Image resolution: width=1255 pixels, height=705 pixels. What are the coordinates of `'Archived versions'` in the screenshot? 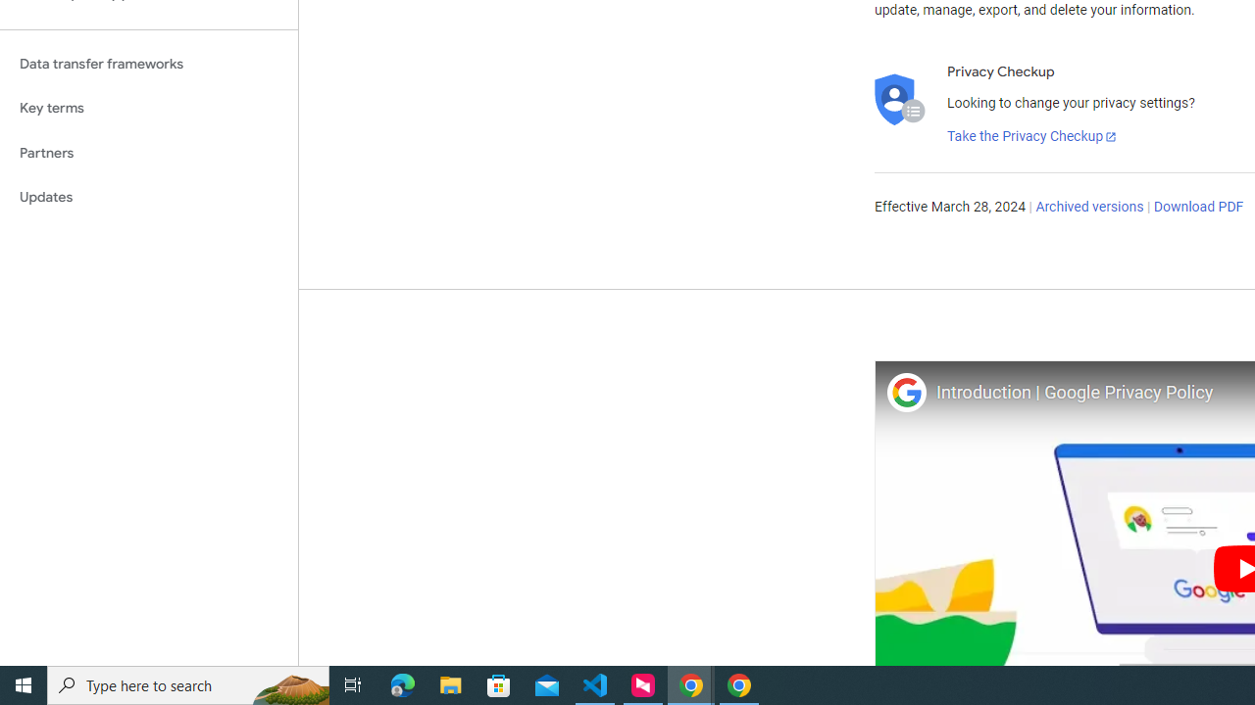 It's located at (1088, 208).